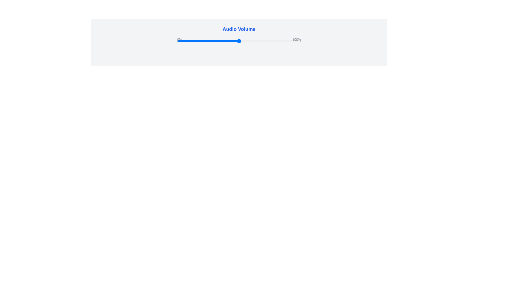  Describe the element at coordinates (199, 41) in the screenshot. I see `the audio volume` at that location.